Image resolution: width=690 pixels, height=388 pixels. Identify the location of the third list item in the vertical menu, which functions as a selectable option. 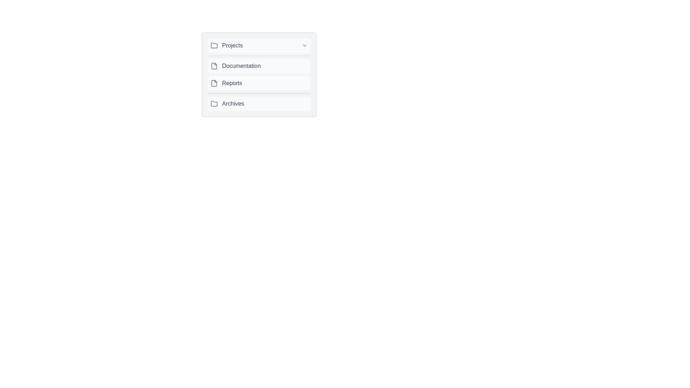
(259, 83).